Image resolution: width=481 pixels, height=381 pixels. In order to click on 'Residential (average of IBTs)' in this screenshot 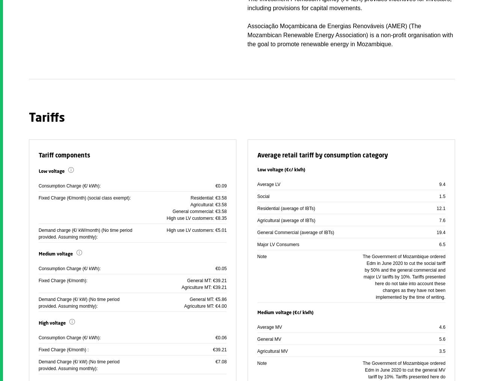, I will do `click(257, 208)`.